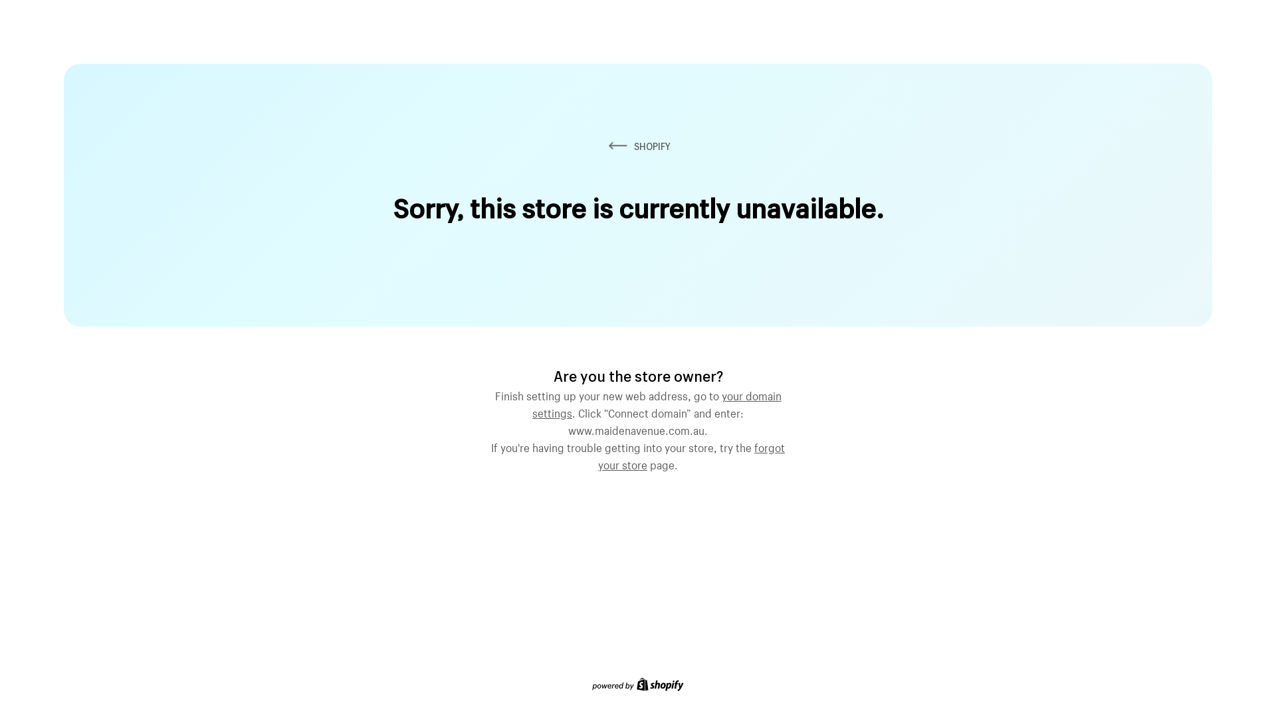 The image size is (1276, 717). What do you see at coordinates (638, 146) in the screenshot?
I see `'SHOPIFY'` at bounding box center [638, 146].